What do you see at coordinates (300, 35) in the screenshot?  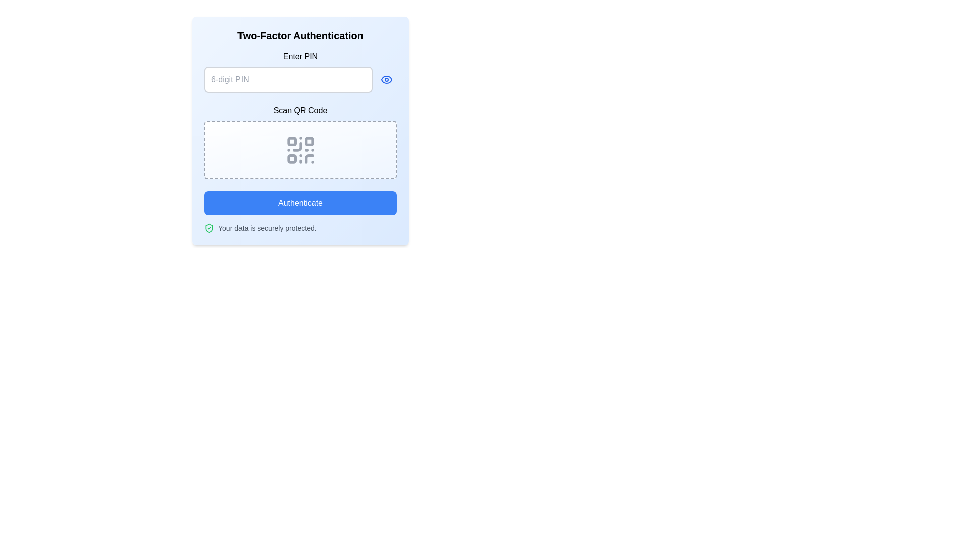 I see `the Text Header element displaying 'Two-Factor Authentication', which is prominently styled with a large, bold black font at the top of the card-like interface` at bounding box center [300, 35].